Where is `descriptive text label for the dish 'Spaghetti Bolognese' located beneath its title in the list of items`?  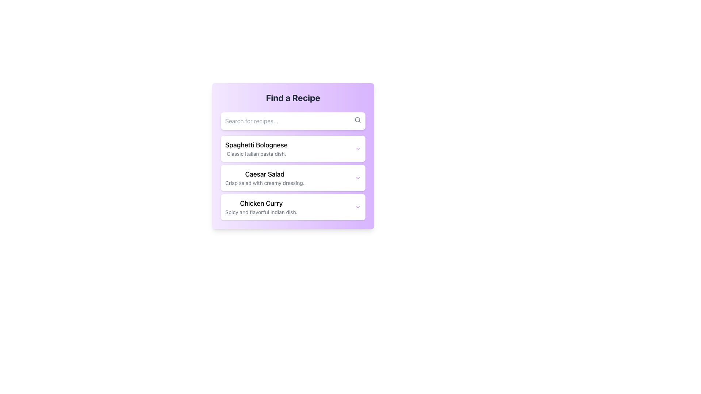 descriptive text label for the dish 'Spaghetti Bolognese' located beneath its title in the list of items is located at coordinates (256, 153).